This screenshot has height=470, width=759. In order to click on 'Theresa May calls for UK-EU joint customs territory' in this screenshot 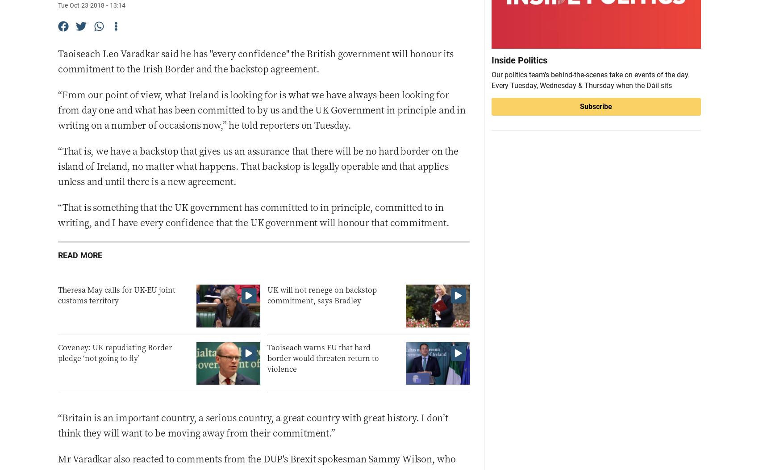, I will do `click(58, 294)`.